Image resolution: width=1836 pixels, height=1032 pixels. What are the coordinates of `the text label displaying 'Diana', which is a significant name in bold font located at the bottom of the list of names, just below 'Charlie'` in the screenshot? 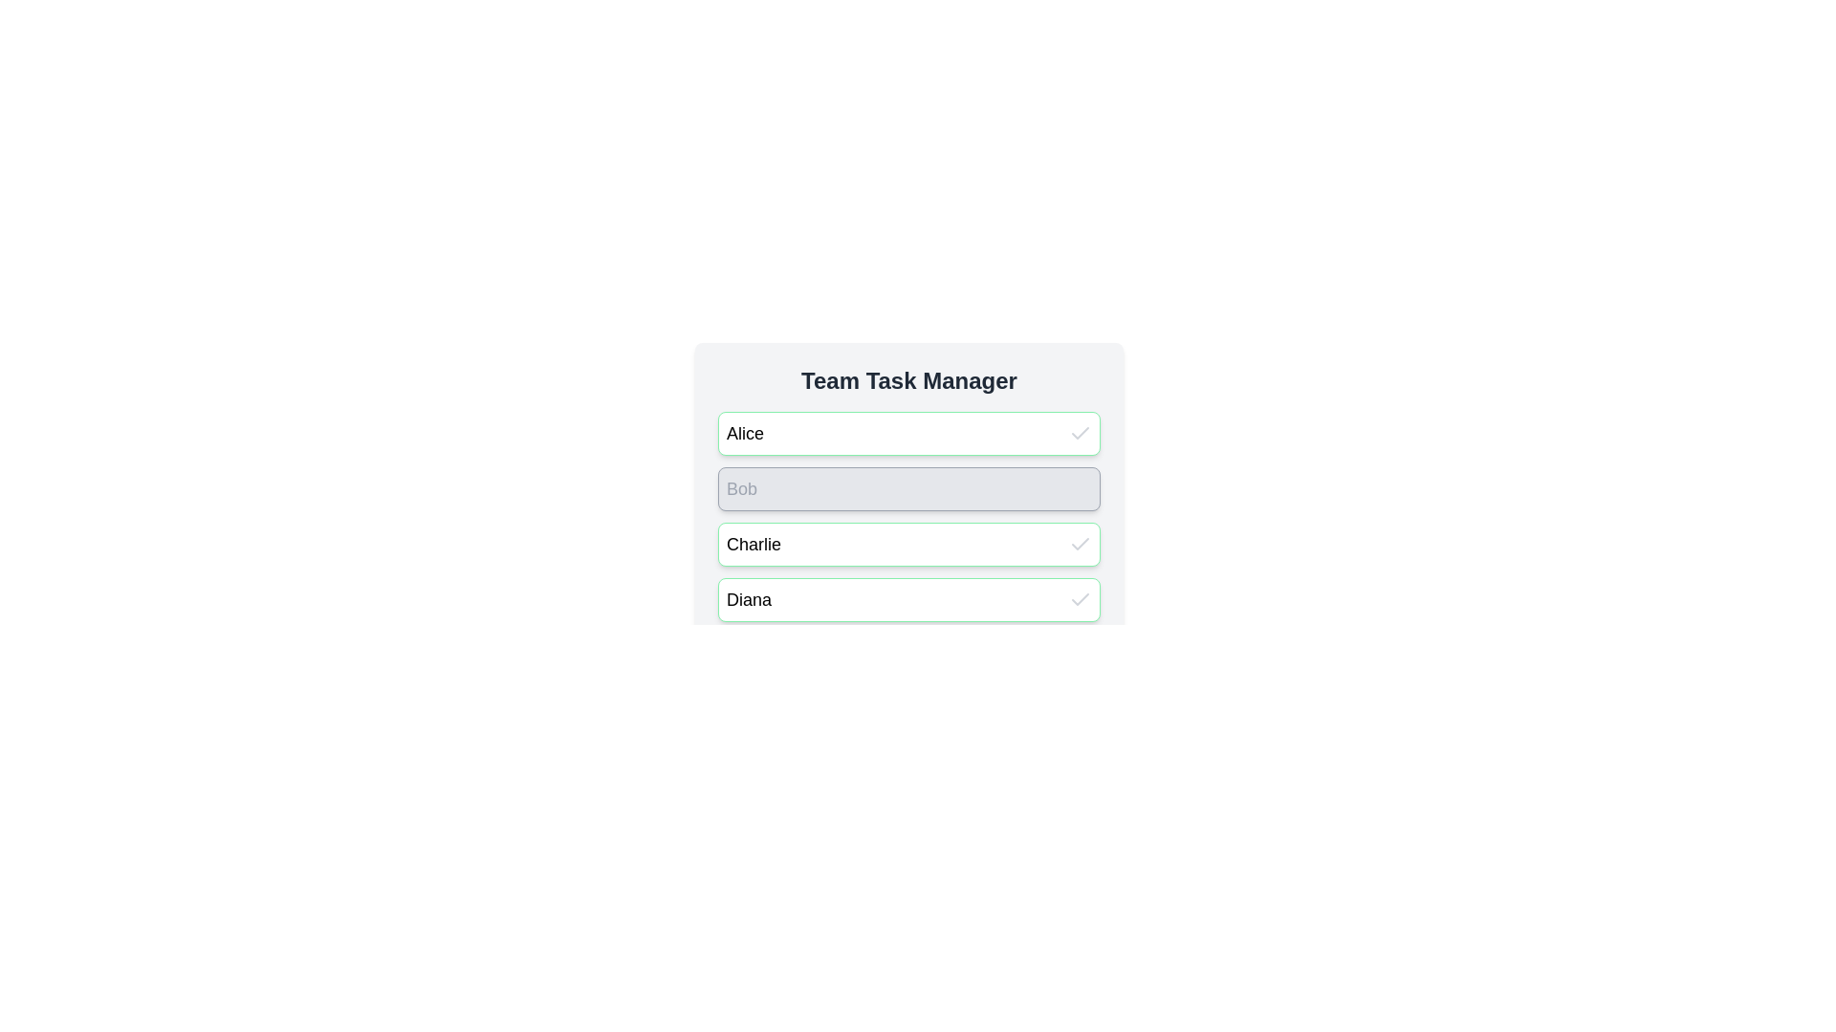 It's located at (748, 599).